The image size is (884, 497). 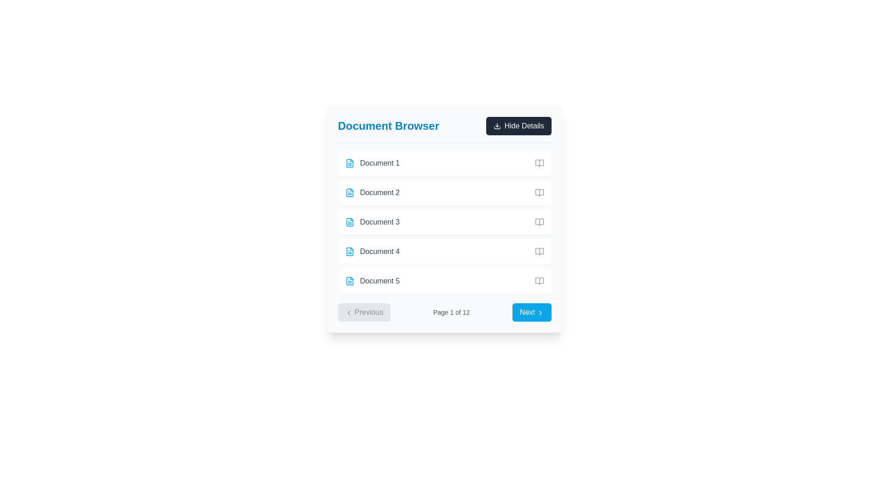 What do you see at coordinates (389, 126) in the screenshot?
I see `text content of the prominent header that reads 'Document Browser', styled in bold, large sky blue text at the top of the content section` at bounding box center [389, 126].